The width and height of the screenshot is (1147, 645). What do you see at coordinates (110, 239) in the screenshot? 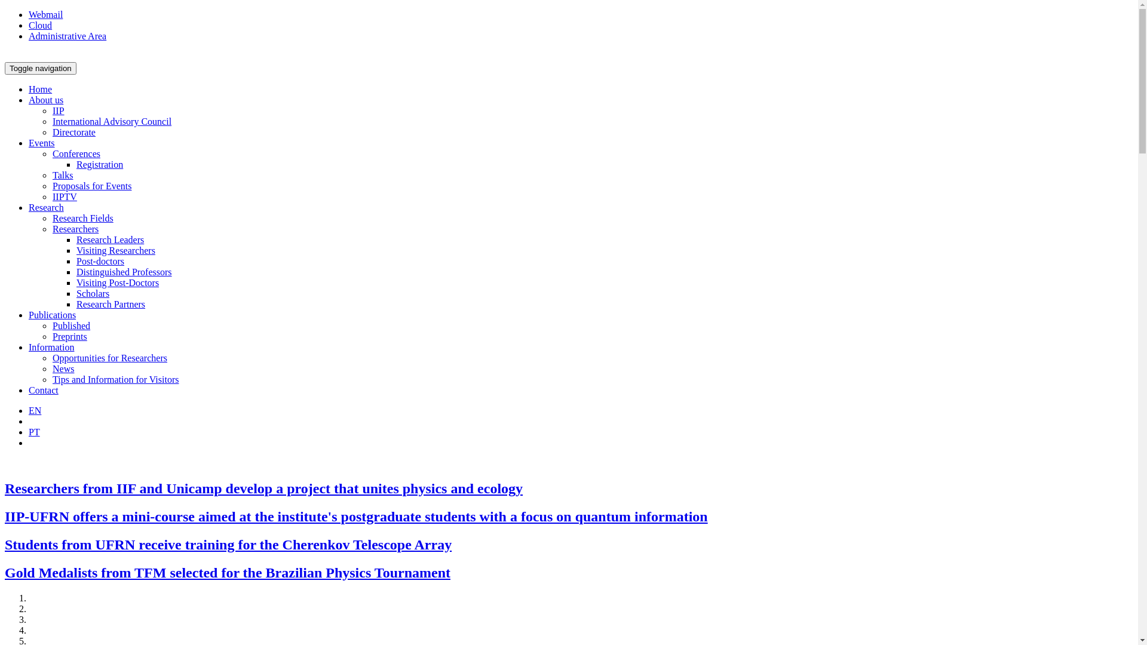
I see `'Research Leaders'` at bounding box center [110, 239].